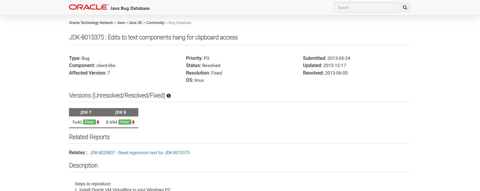 This screenshot has height=191, width=480. What do you see at coordinates (83, 165) in the screenshot?
I see `'Description'` at bounding box center [83, 165].